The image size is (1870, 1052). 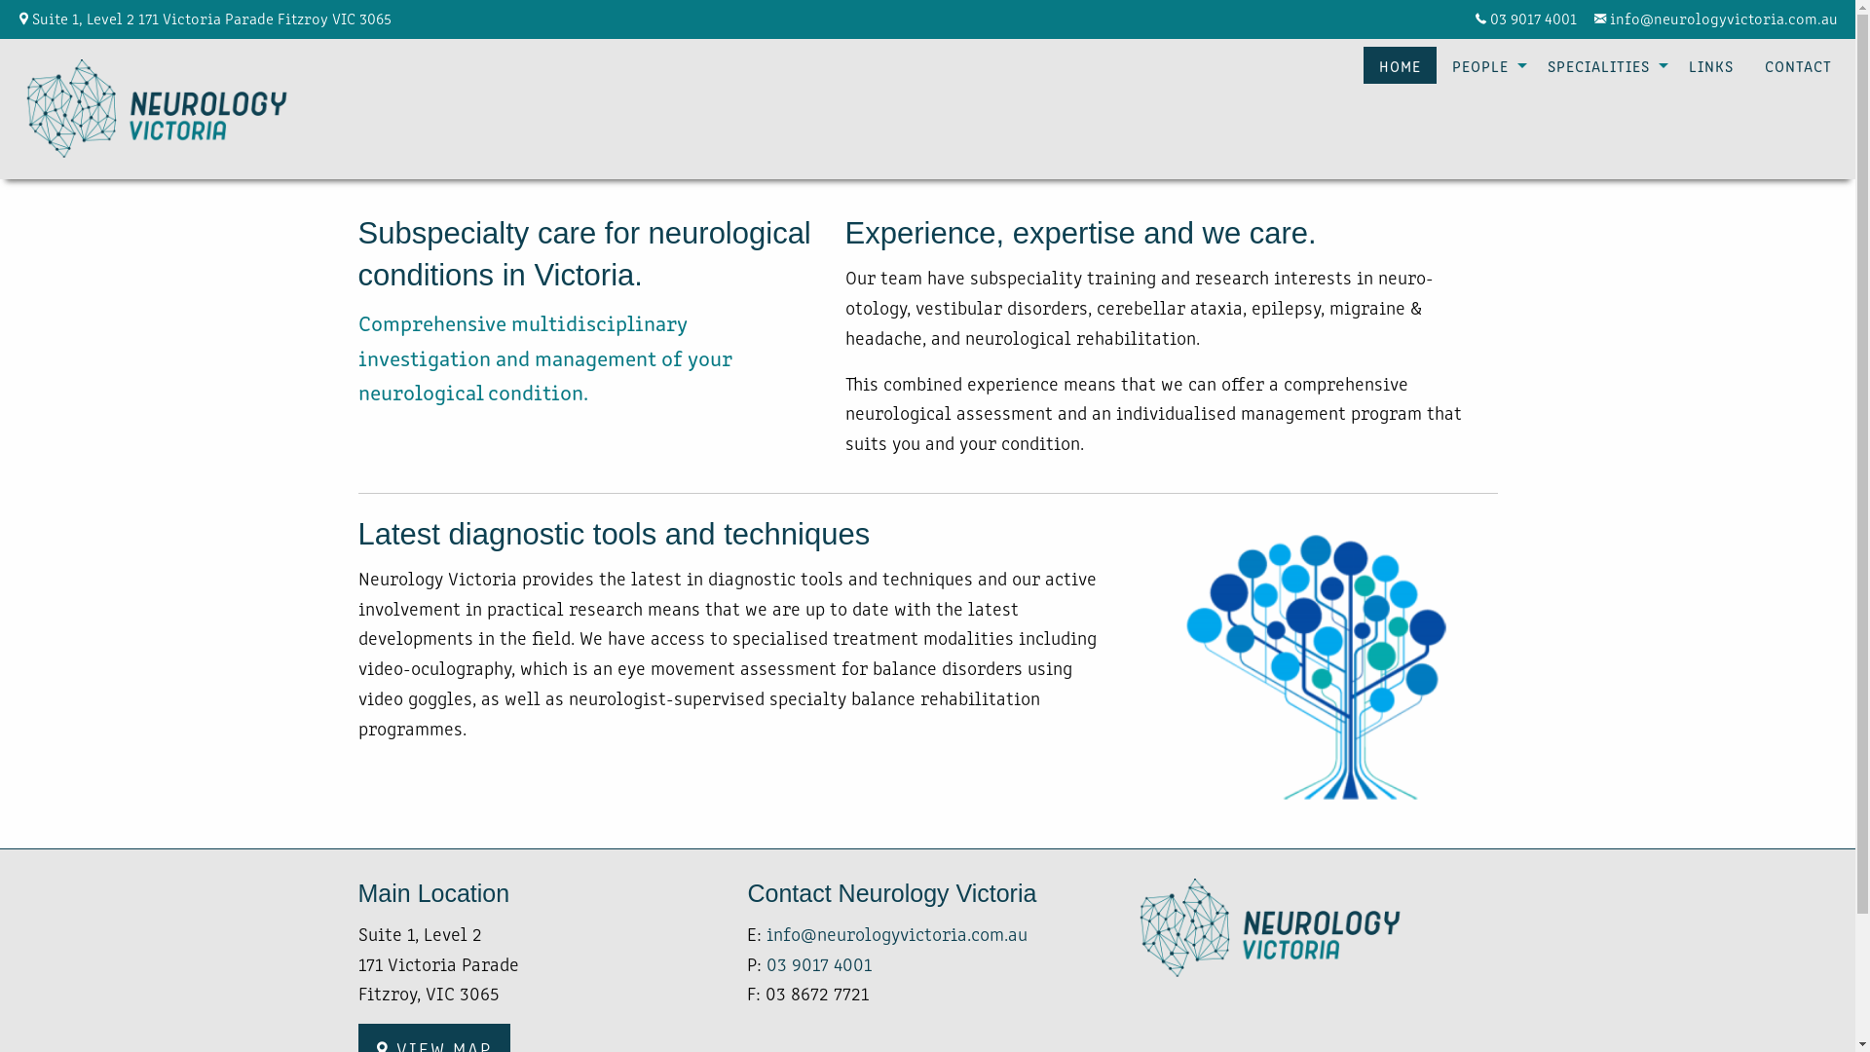 What do you see at coordinates (1709, 63) in the screenshot?
I see `'LINKS'` at bounding box center [1709, 63].